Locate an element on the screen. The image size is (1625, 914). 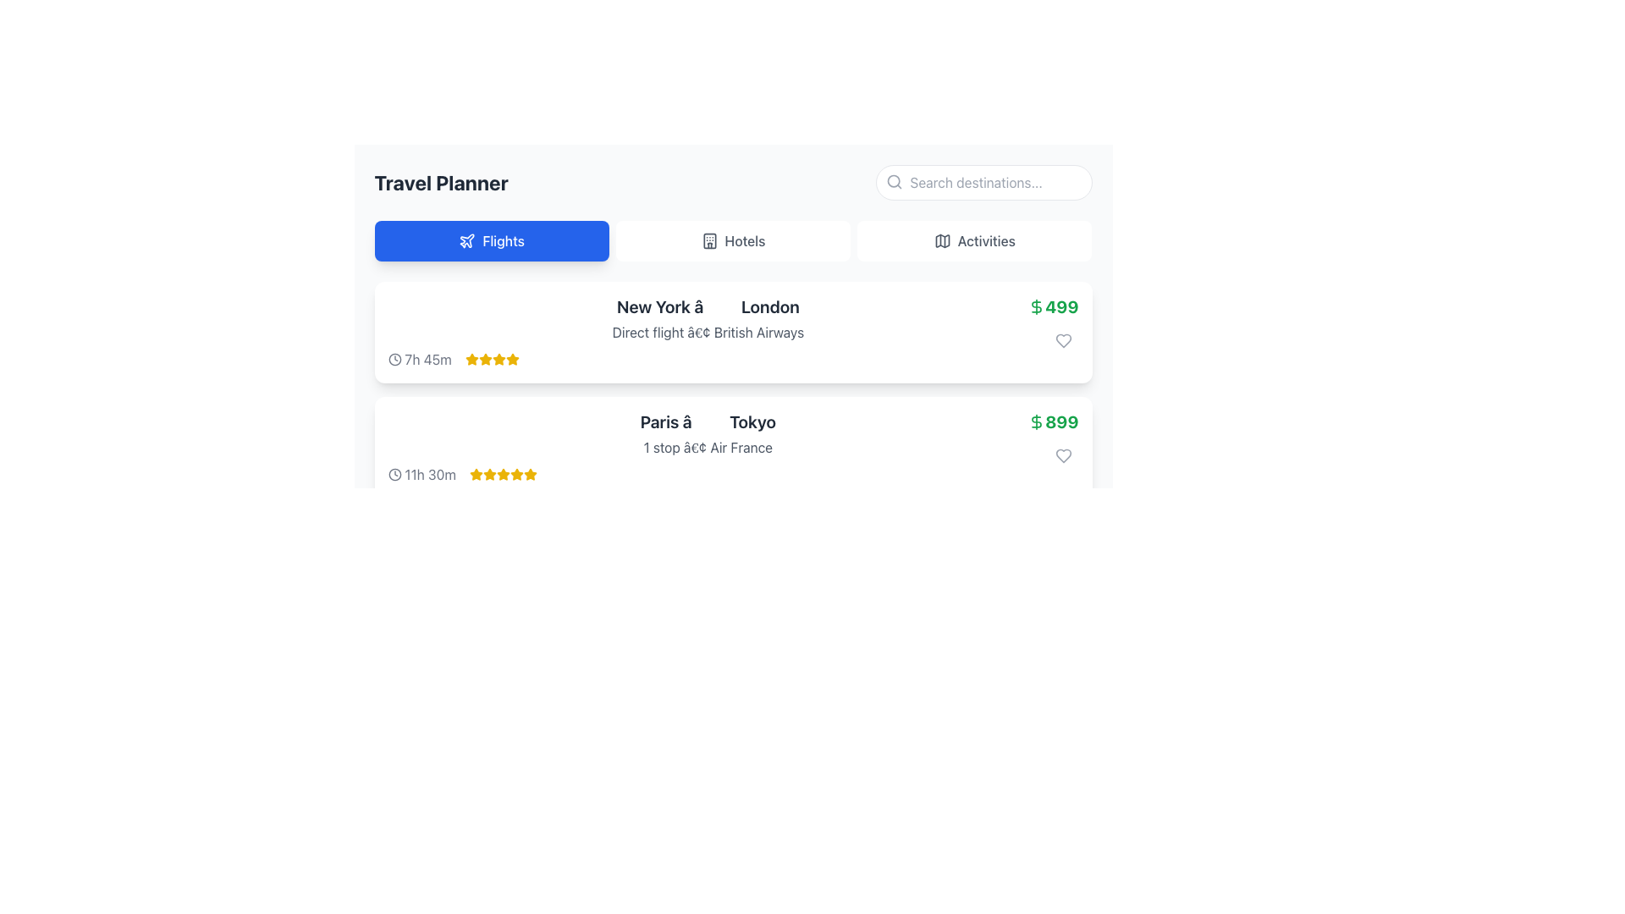
the text label displaying 'Activities' is located at coordinates (986, 241).